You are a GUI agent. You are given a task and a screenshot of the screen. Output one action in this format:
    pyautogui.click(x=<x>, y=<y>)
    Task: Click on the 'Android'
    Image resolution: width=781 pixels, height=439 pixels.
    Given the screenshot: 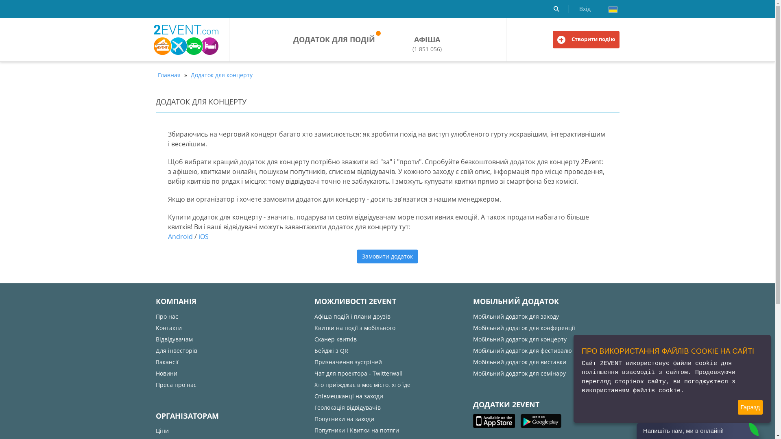 What is the action you would take?
    pyautogui.click(x=179, y=237)
    